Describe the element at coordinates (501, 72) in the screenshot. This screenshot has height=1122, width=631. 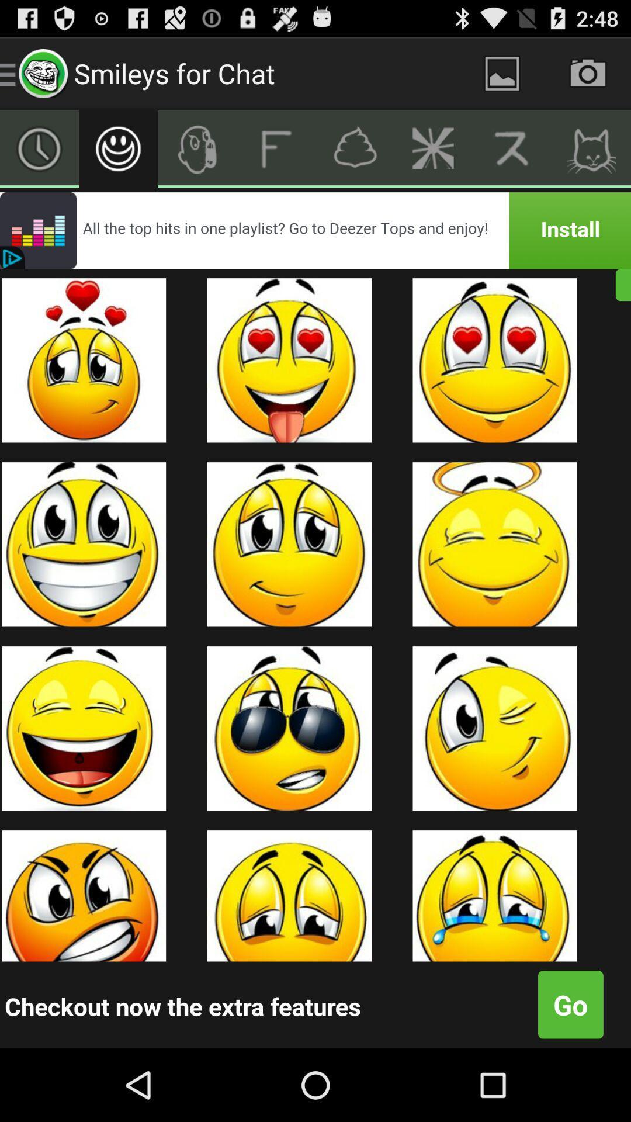
I see `ateno para janela` at that location.